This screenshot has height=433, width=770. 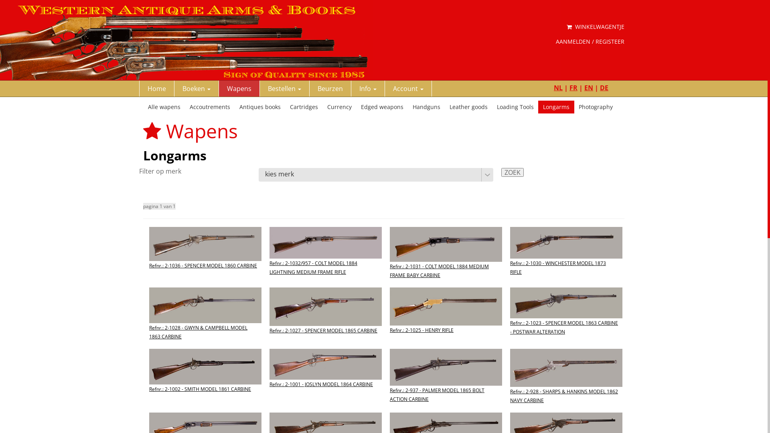 I want to click on 'Refnr.: 2-937 - PALMER MODEL 1865 BOLT ACTION CARBINE', so click(x=446, y=382).